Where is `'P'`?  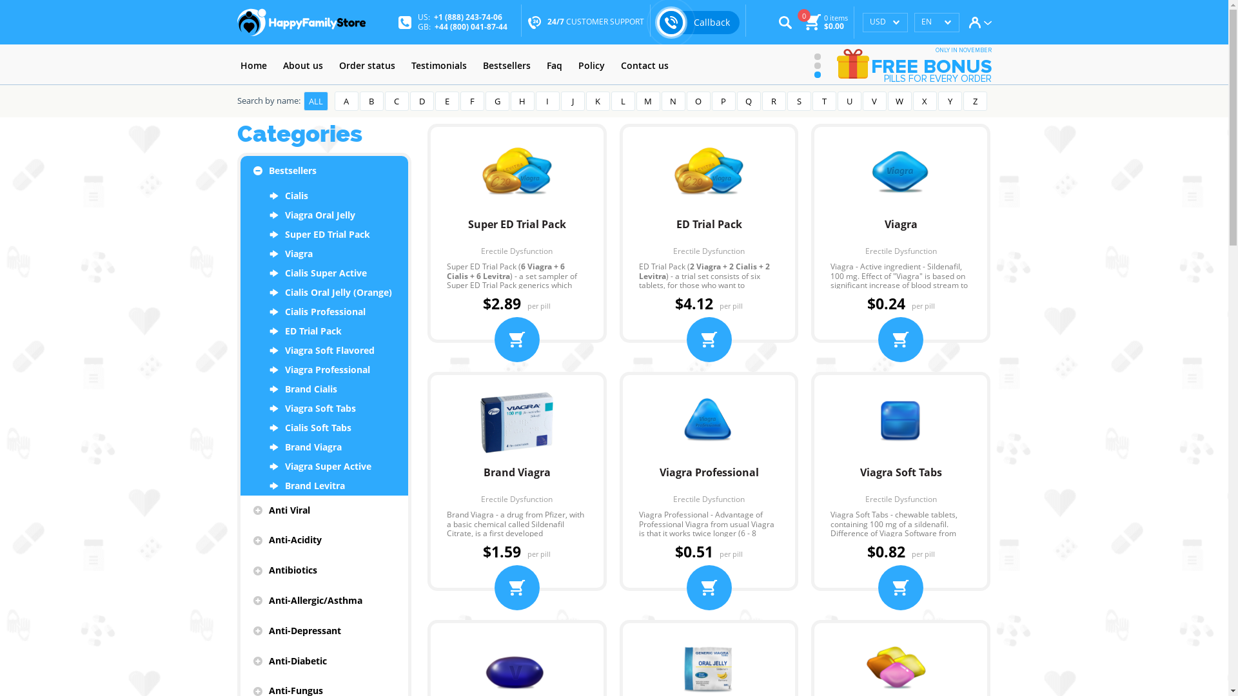
'P' is located at coordinates (723, 101).